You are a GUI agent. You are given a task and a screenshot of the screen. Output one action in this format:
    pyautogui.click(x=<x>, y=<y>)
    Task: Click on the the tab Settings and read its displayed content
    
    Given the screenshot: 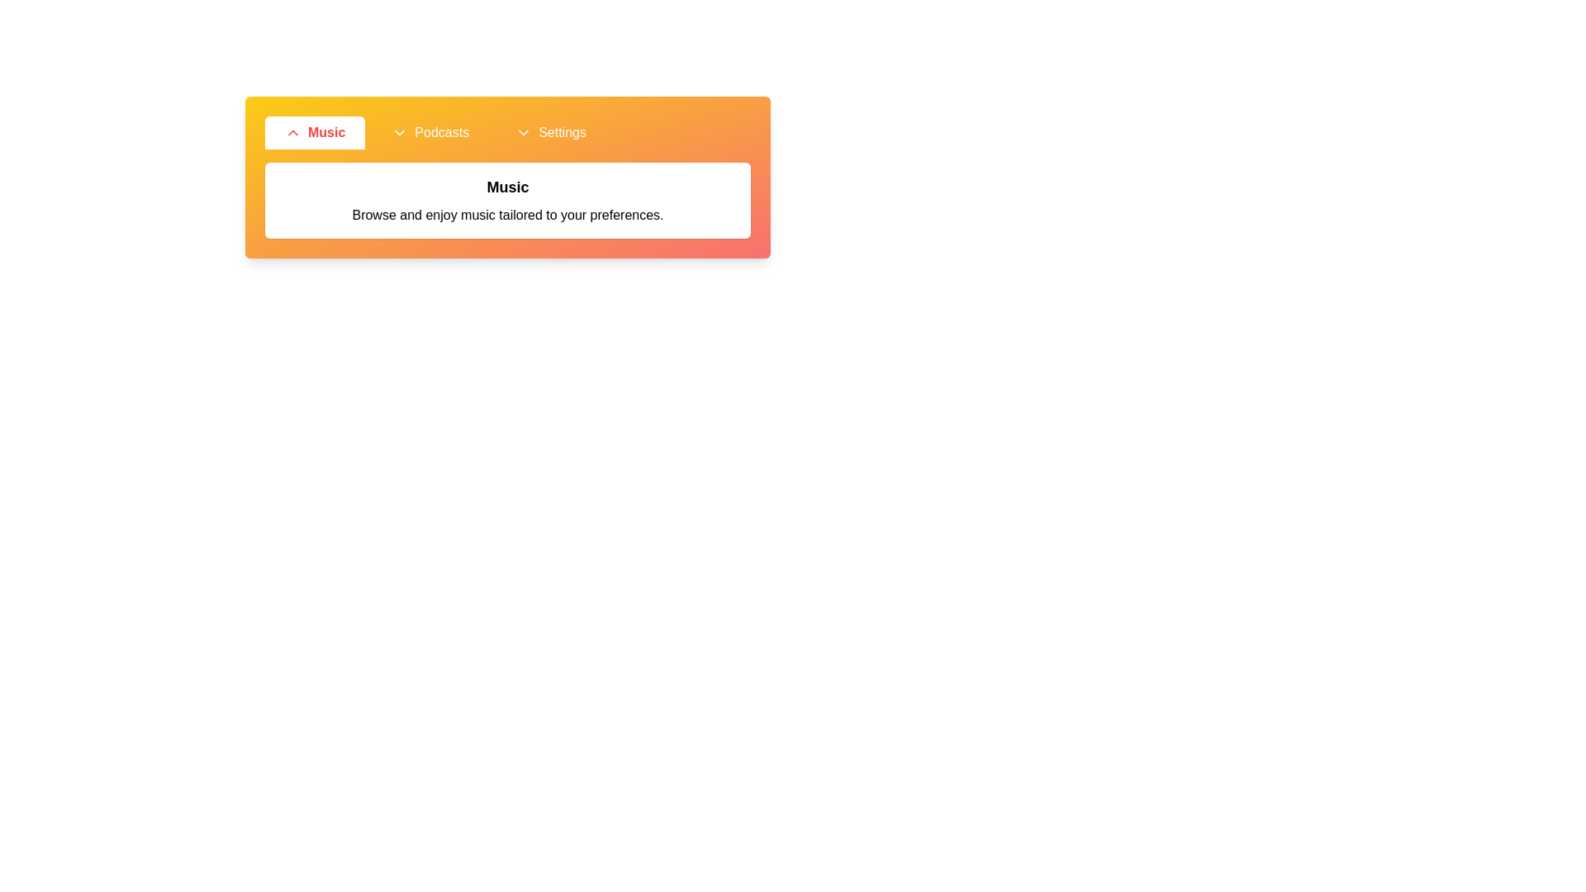 What is the action you would take?
    pyautogui.click(x=551, y=132)
    